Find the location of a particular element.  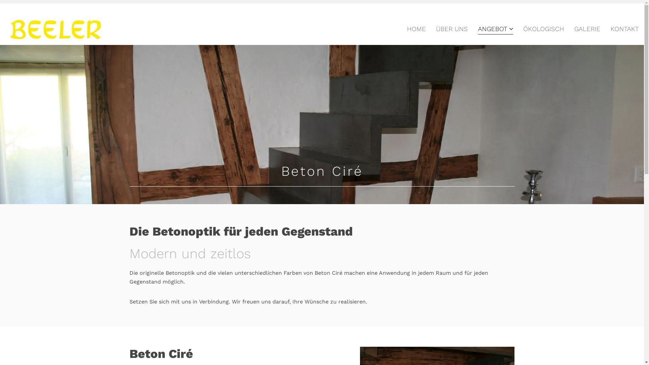

'Verbindung' is located at coordinates (213, 301).